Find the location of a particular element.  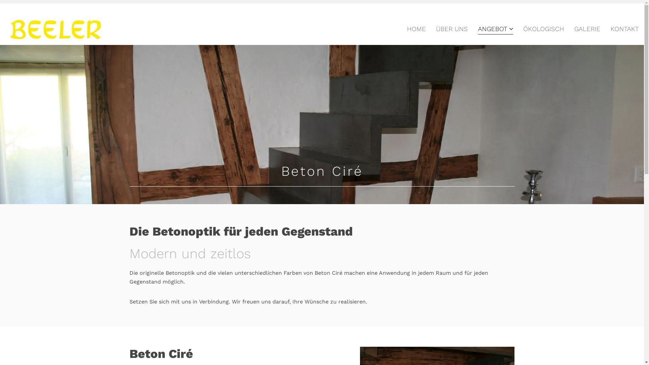

'Verbindung' is located at coordinates (213, 301).